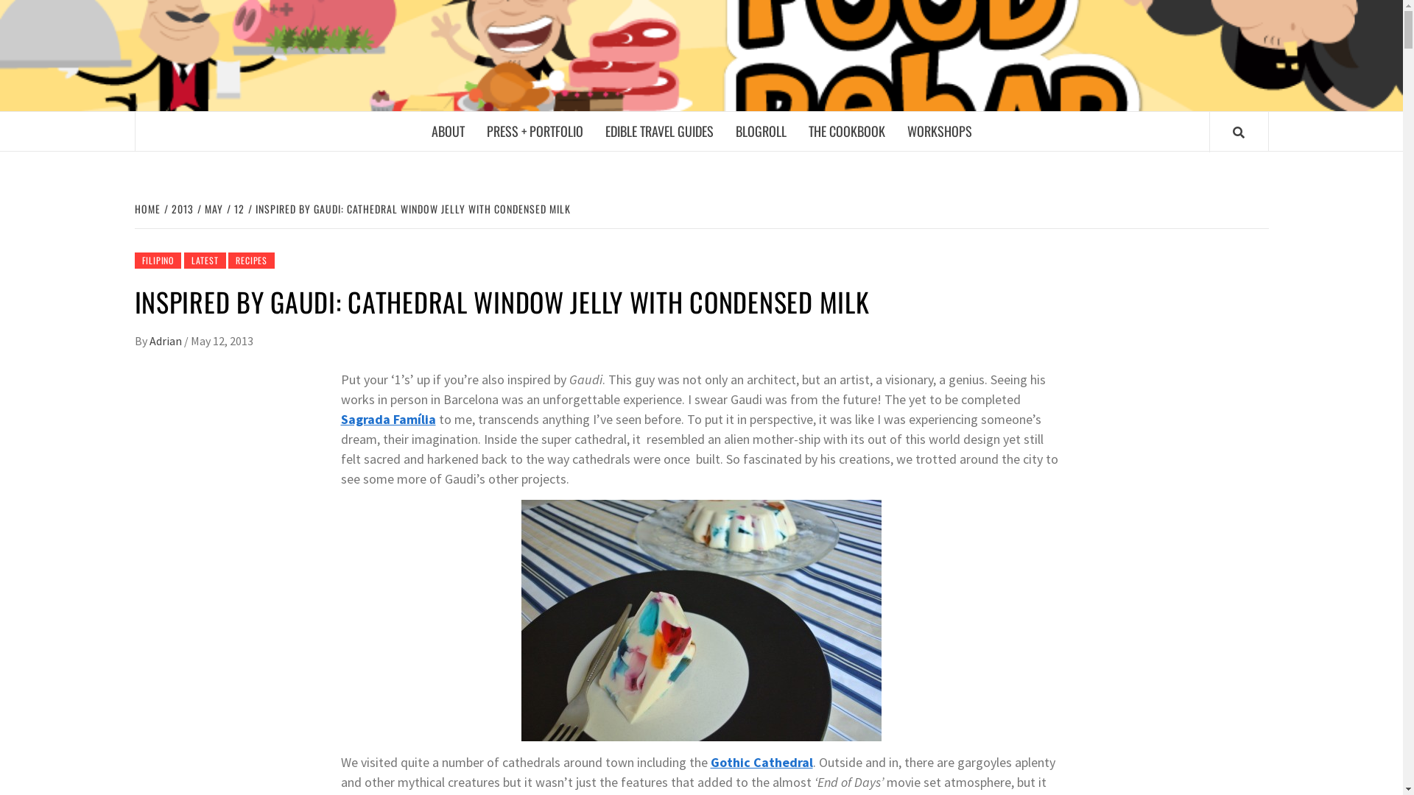  What do you see at coordinates (761, 762) in the screenshot?
I see `'Gothic Cathedral'` at bounding box center [761, 762].